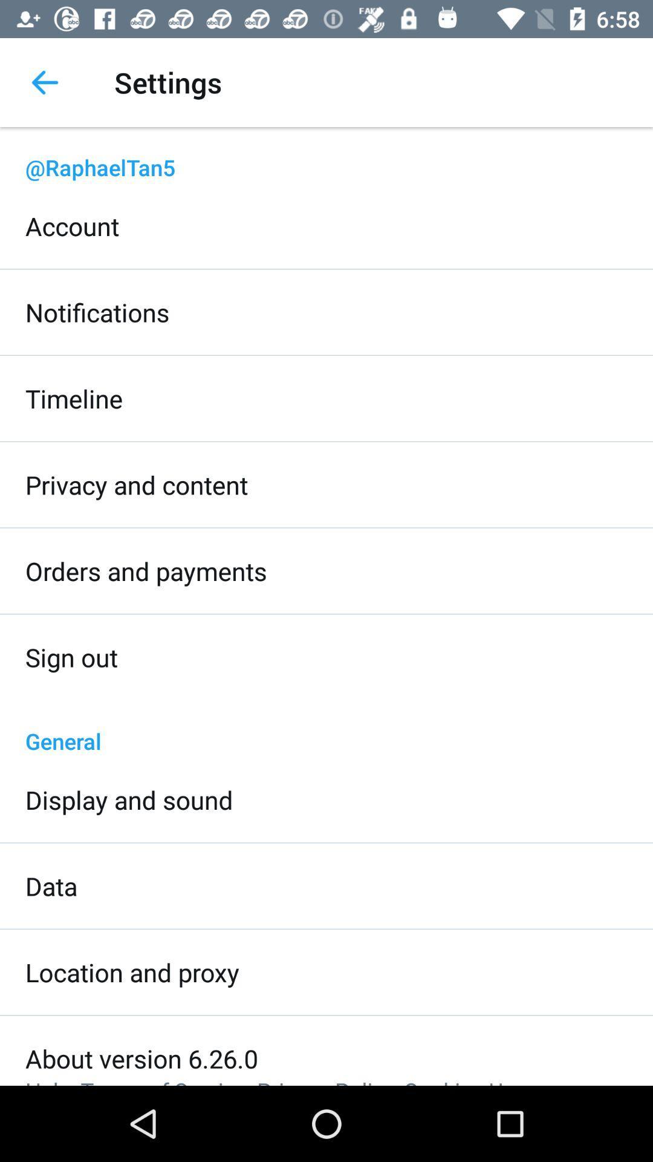 The image size is (653, 1162). What do you see at coordinates (74, 398) in the screenshot?
I see `the item above privacy and content` at bounding box center [74, 398].